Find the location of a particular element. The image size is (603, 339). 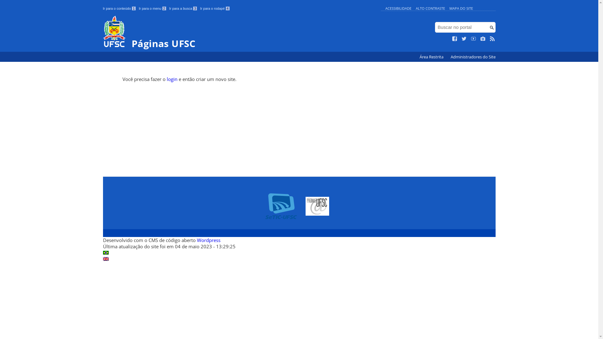

'ALTO CONTRASTE' is located at coordinates (430, 8).